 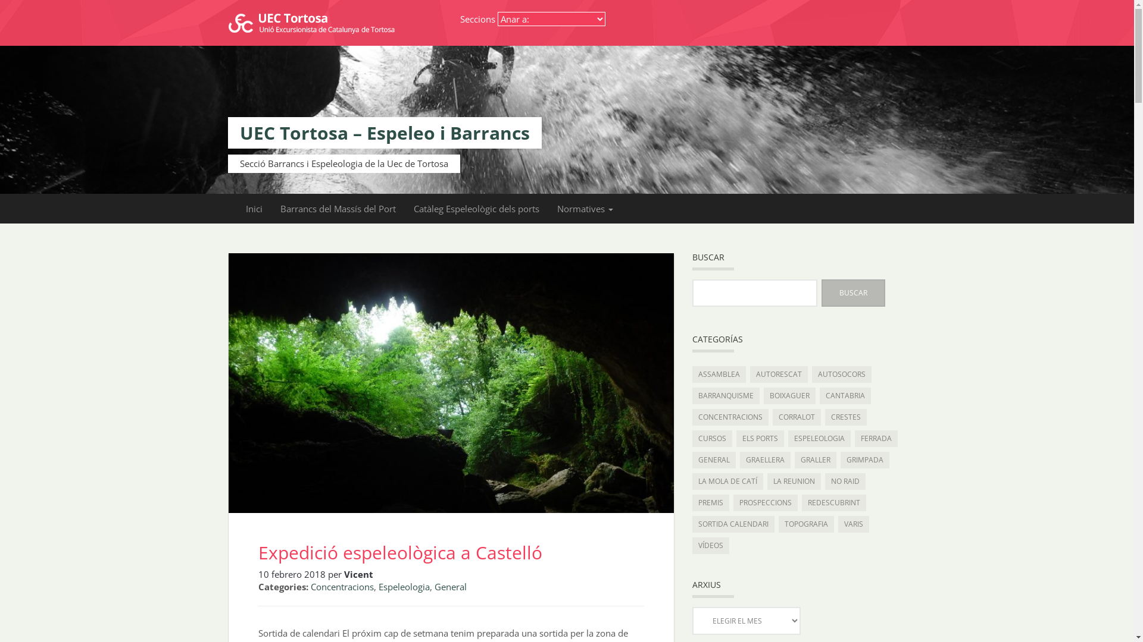 What do you see at coordinates (732, 524) in the screenshot?
I see `'SORTIDA CALENDARI'` at bounding box center [732, 524].